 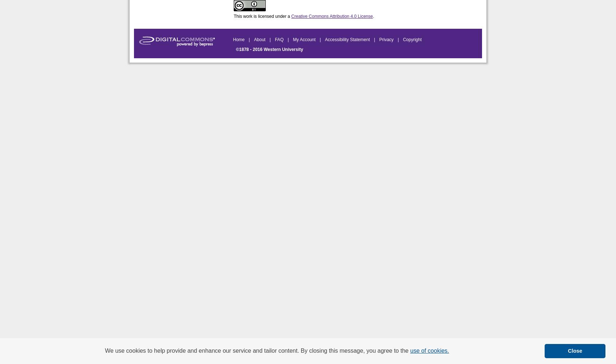 I want to click on 'My Account', so click(x=305, y=39).